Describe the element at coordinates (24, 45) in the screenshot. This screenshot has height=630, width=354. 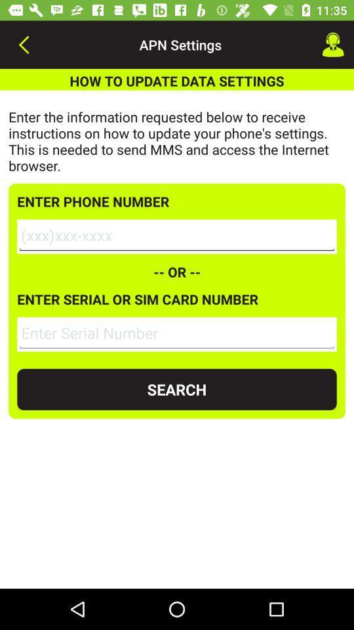
I see `the icon at the top left corner` at that location.